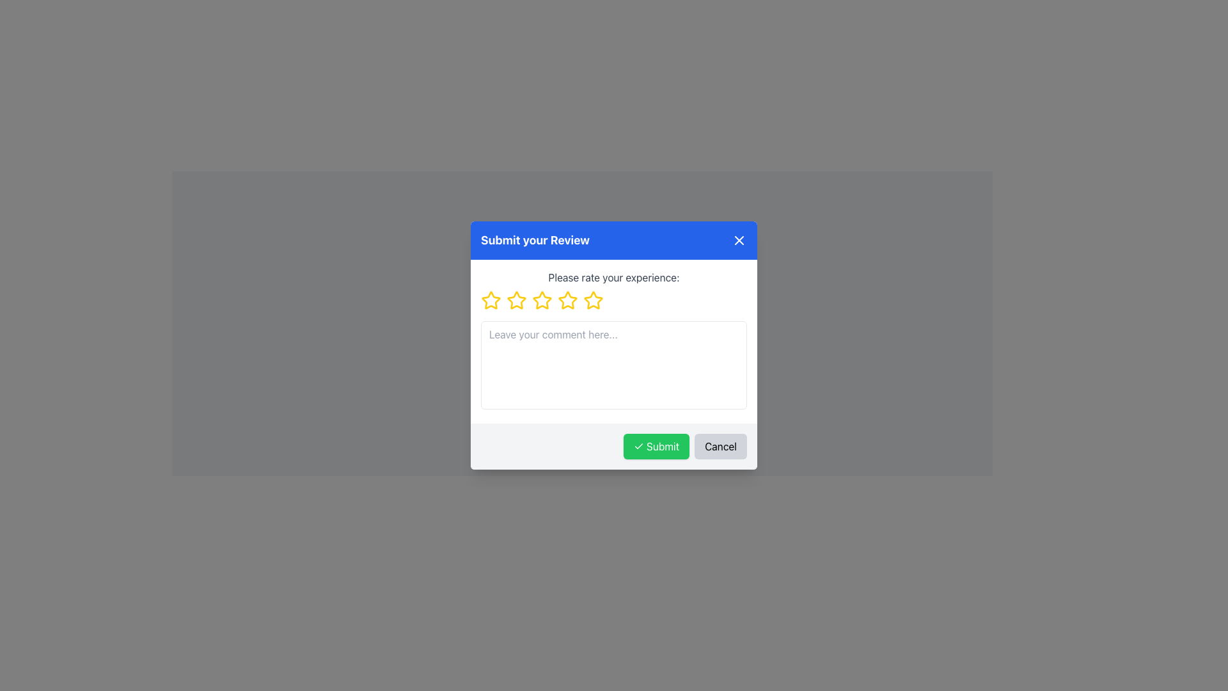  What do you see at coordinates (567, 301) in the screenshot?
I see `the sixth star icon in the rating component` at bounding box center [567, 301].